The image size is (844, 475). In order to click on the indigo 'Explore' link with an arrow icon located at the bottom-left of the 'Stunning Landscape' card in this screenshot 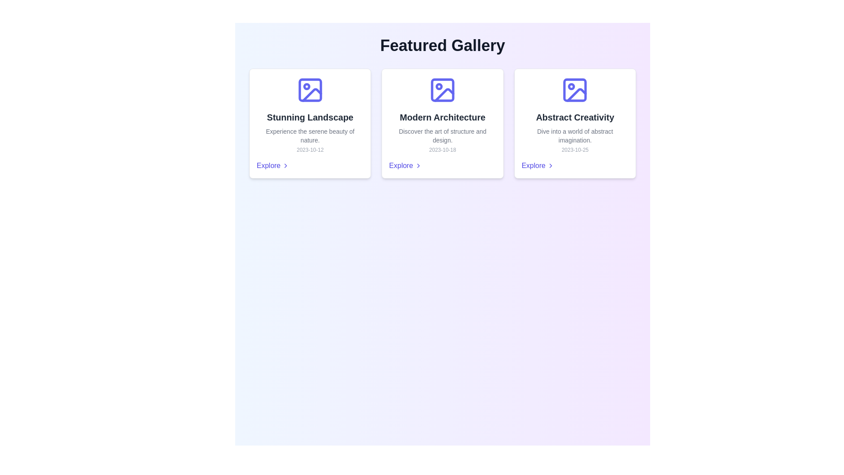, I will do `click(273, 166)`.